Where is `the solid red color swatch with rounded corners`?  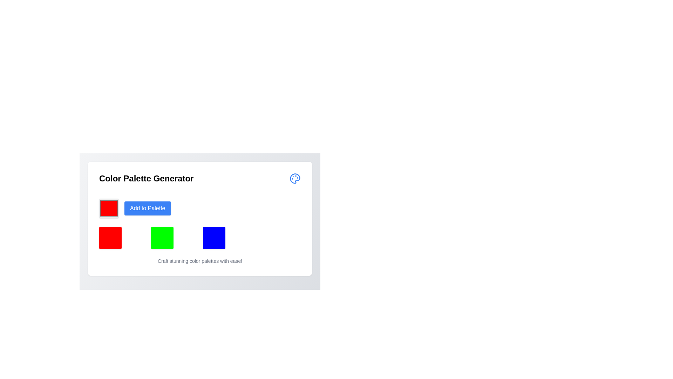
the solid red color swatch with rounded corners is located at coordinates (109, 208).